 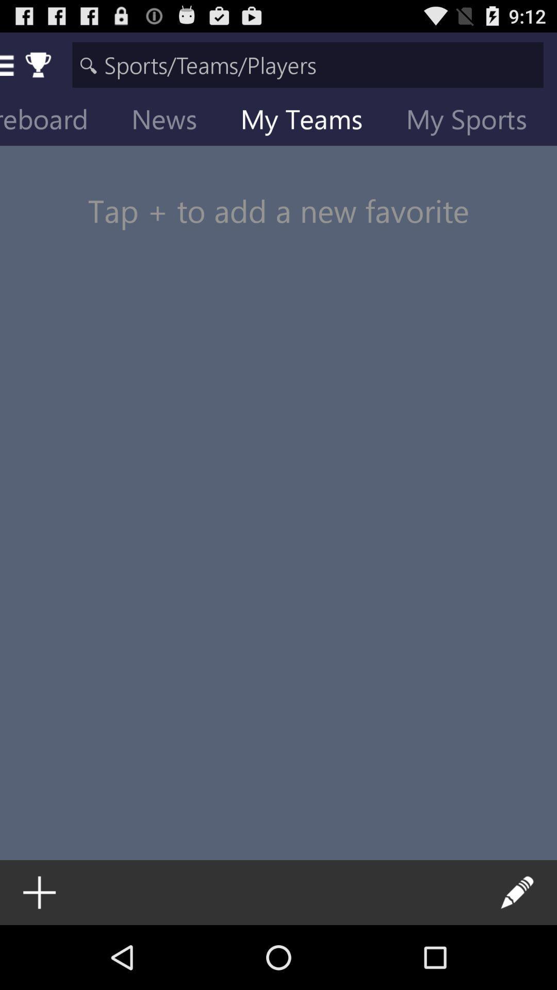 What do you see at coordinates (59, 121) in the screenshot?
I see `the icon next to the news icon` at bounding box center [59, 121].